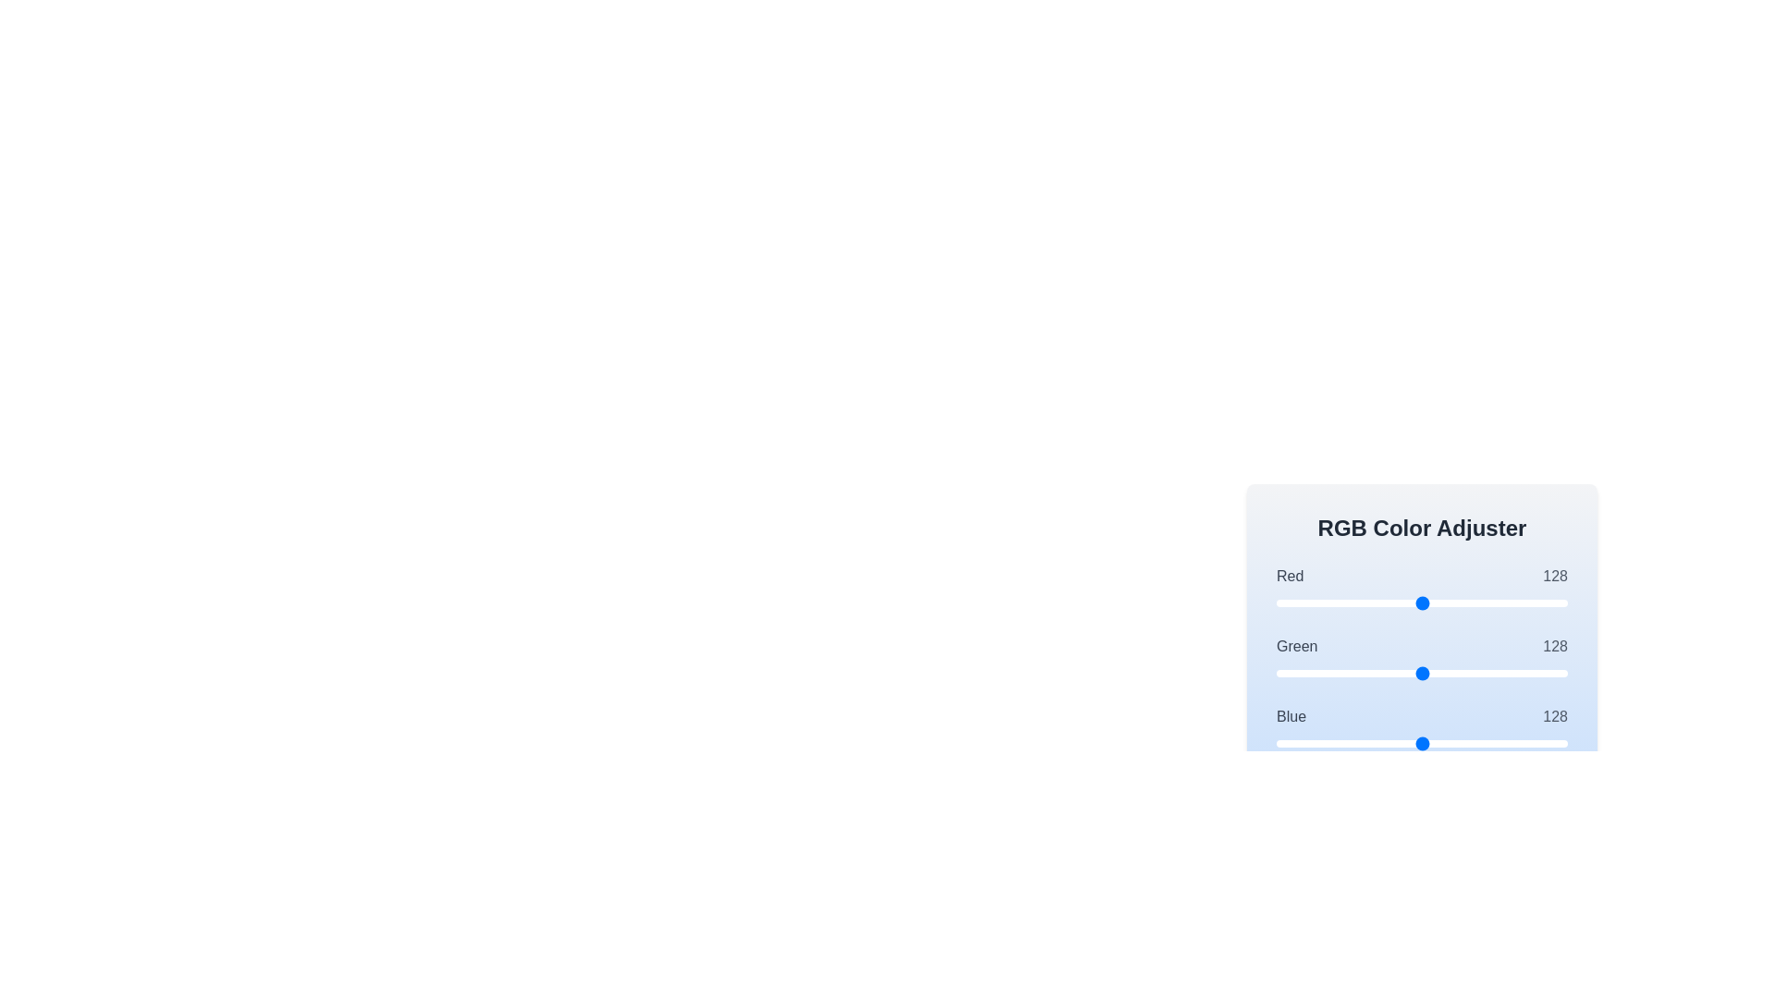 The width and height of the screenshot is (1775, 998). Describe the element at coordinates (1370, 602) in the screenshot. I see `the red slider to 82 by dragging or clicking on the slider` at that location.